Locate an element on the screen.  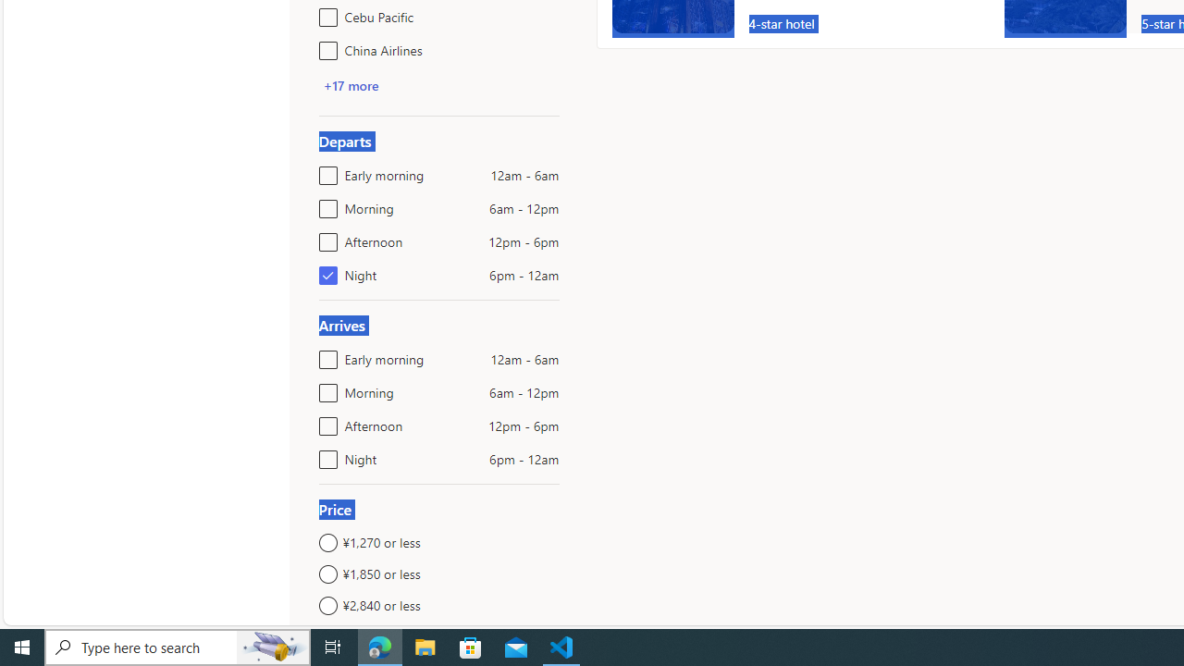
'Night6pm - 12am' is located at coordinates (325, 455).